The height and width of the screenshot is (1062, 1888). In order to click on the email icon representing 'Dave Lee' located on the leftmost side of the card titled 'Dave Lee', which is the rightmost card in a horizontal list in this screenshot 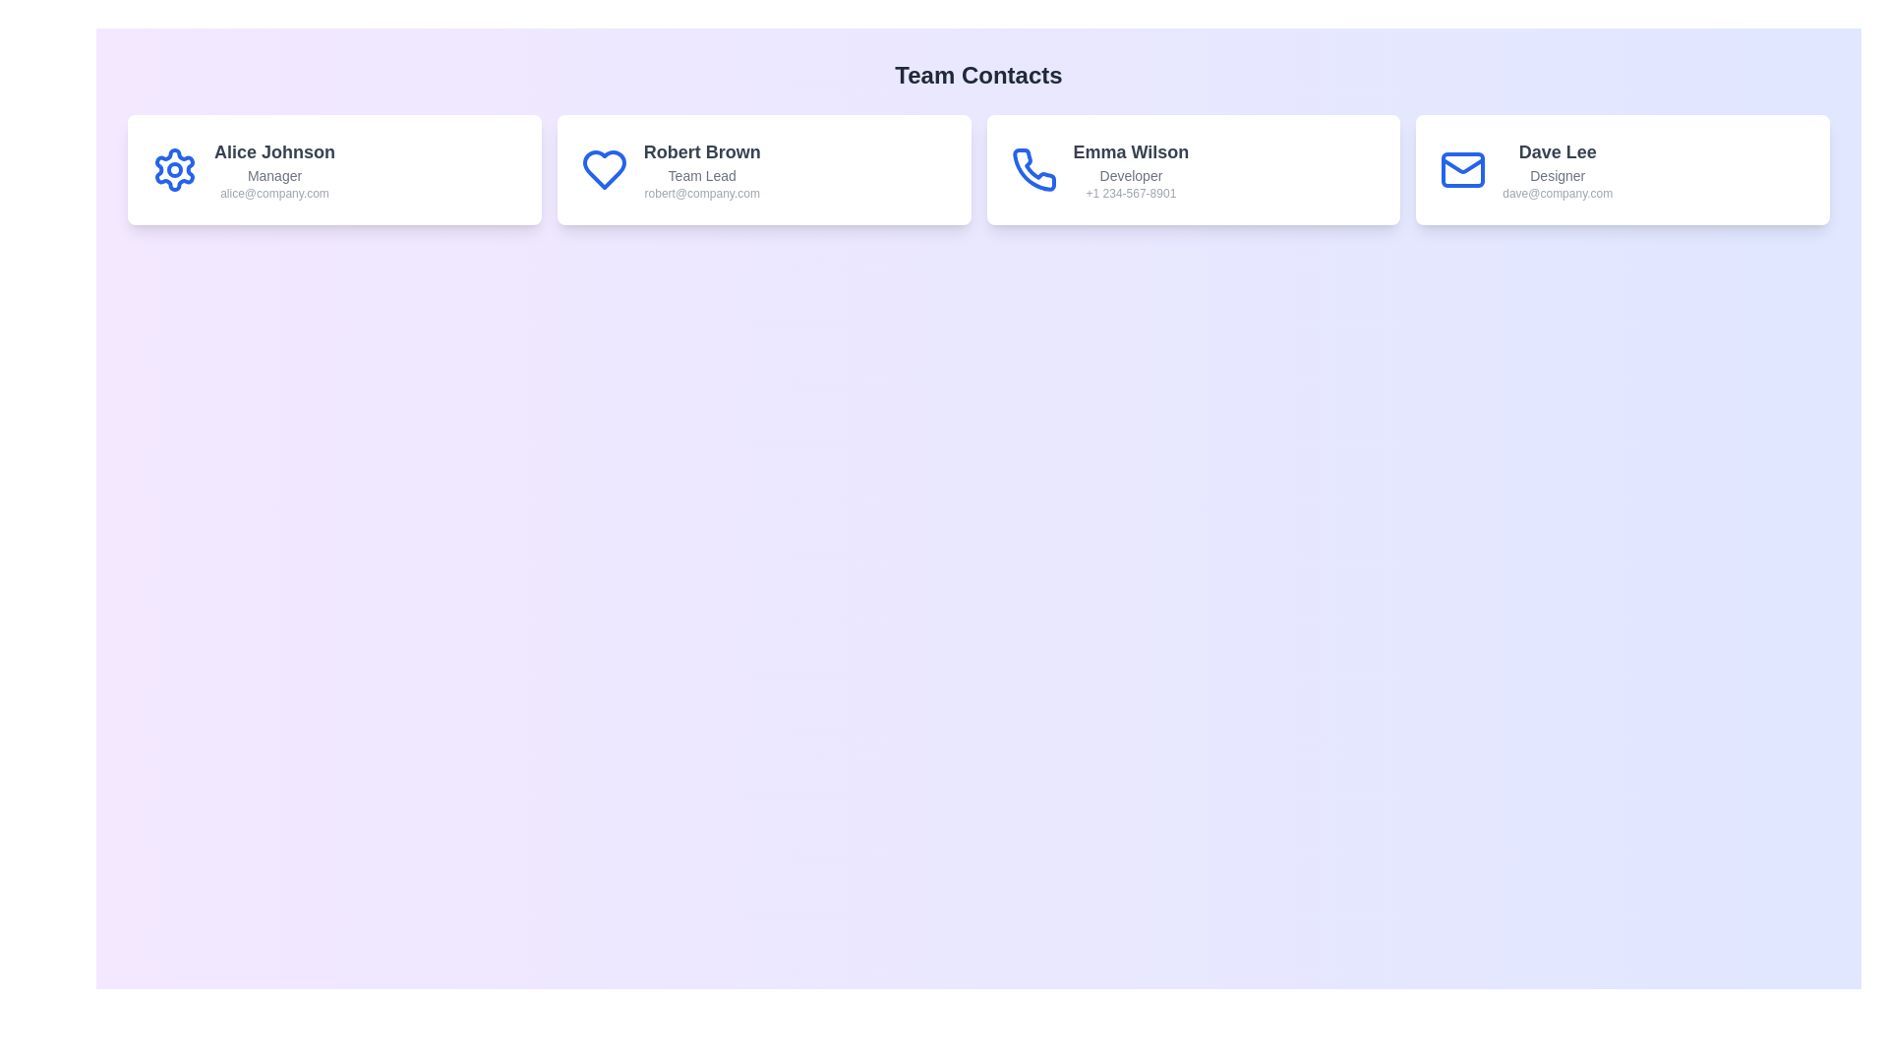, I will do `click(1463, 169)`.